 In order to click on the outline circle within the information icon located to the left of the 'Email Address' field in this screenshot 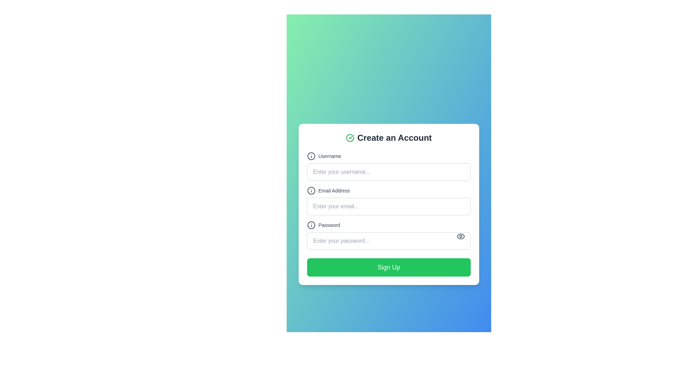, I will do `click(311, 191)`.